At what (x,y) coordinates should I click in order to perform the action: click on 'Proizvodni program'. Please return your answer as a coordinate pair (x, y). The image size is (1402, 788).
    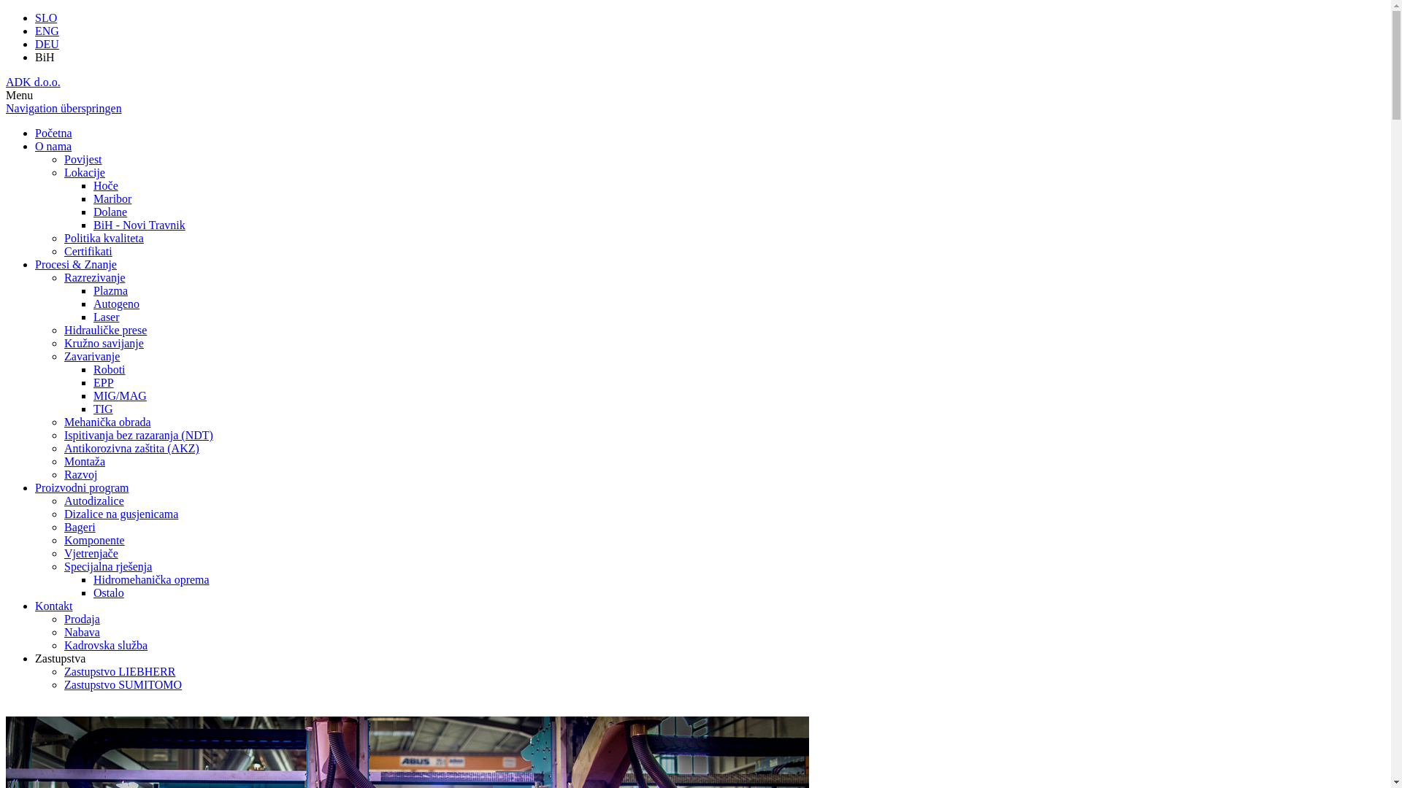
    Looking at the image, I should click on (80, 487).